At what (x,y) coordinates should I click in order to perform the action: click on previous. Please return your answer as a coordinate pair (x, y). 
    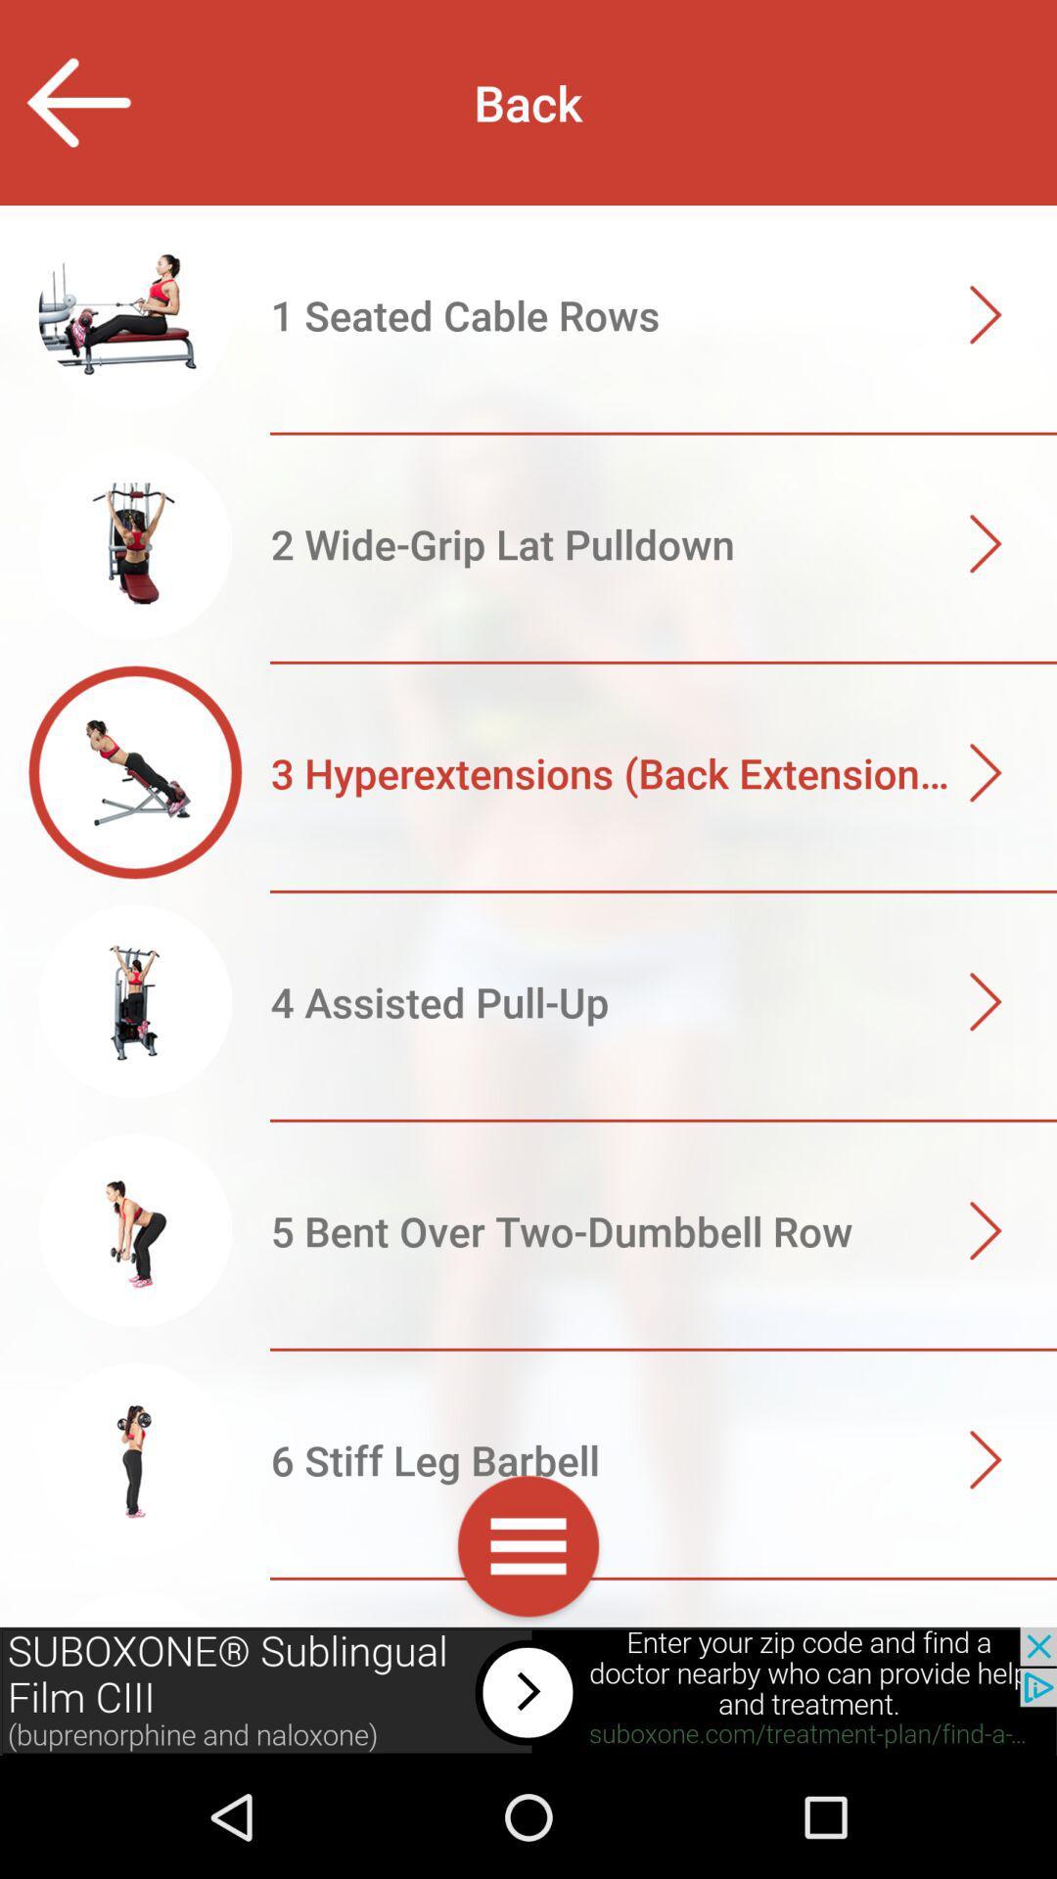
    Looking at the image, I should click on (76, 102).